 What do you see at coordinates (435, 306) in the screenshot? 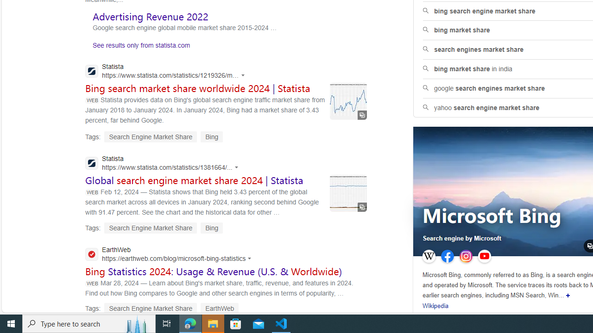
I see `'Wikipedia'` at bounding box center [435, 306].